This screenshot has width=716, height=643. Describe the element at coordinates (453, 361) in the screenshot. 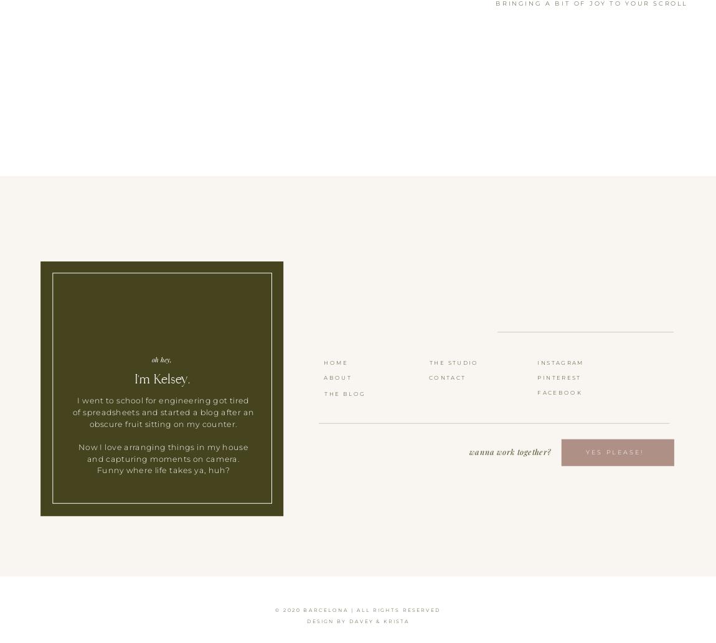

I see `'THE STUDIO'` at that location.